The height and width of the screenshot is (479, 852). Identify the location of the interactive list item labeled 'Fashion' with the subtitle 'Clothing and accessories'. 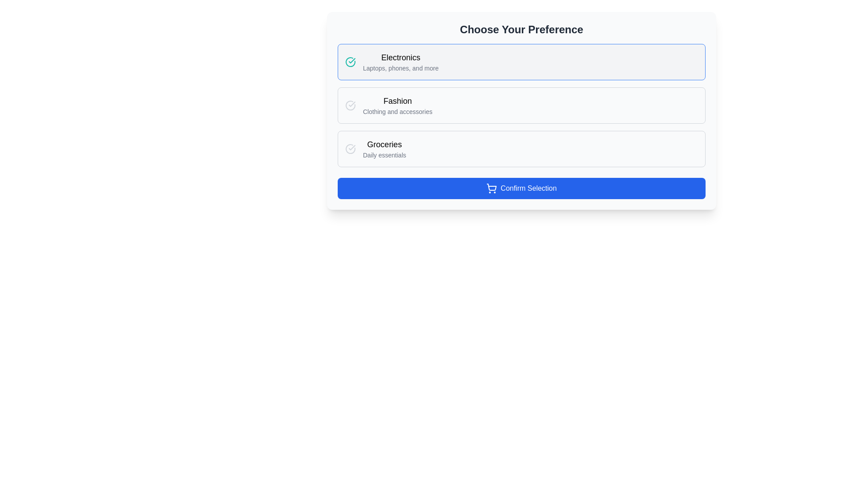
(521, 105).